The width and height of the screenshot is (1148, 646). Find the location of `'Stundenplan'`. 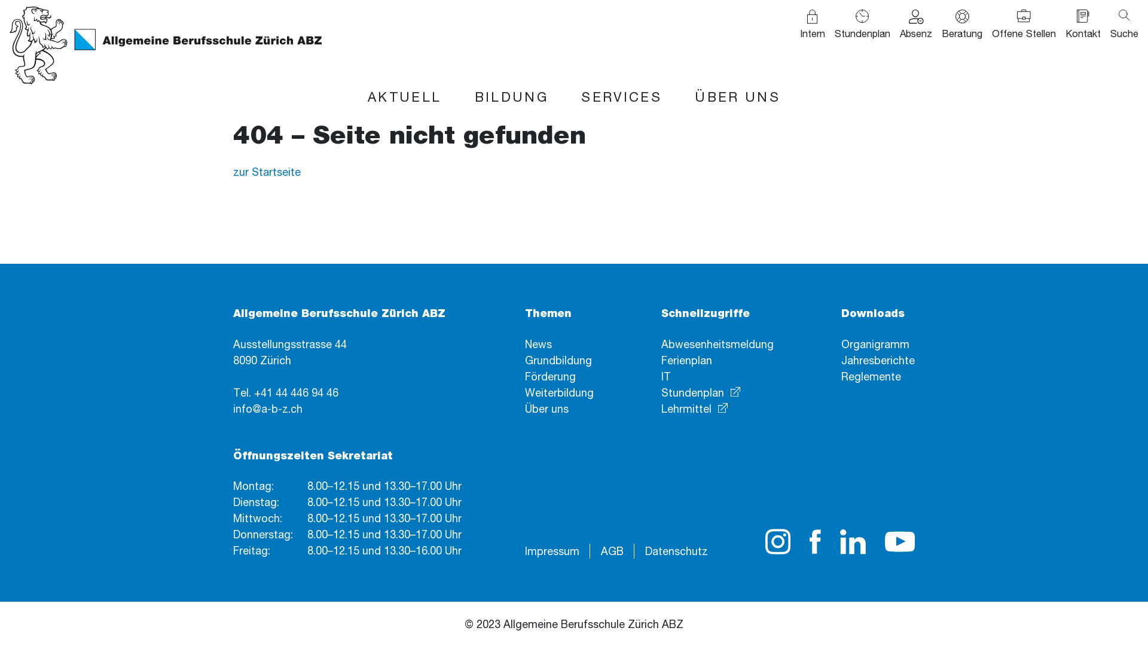

'Stundenplan' is located at coordinates (862, 25).